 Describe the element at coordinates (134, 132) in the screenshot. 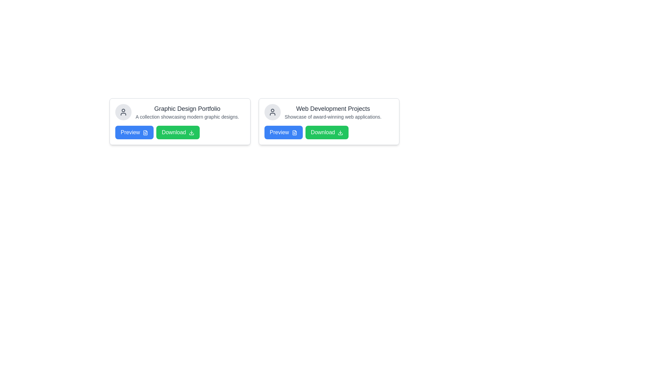

I see `the rectangular blue button labeled 'Preview' with a document icon, located in the first card under the 'Graphic Design Portfolio' section` at that location.